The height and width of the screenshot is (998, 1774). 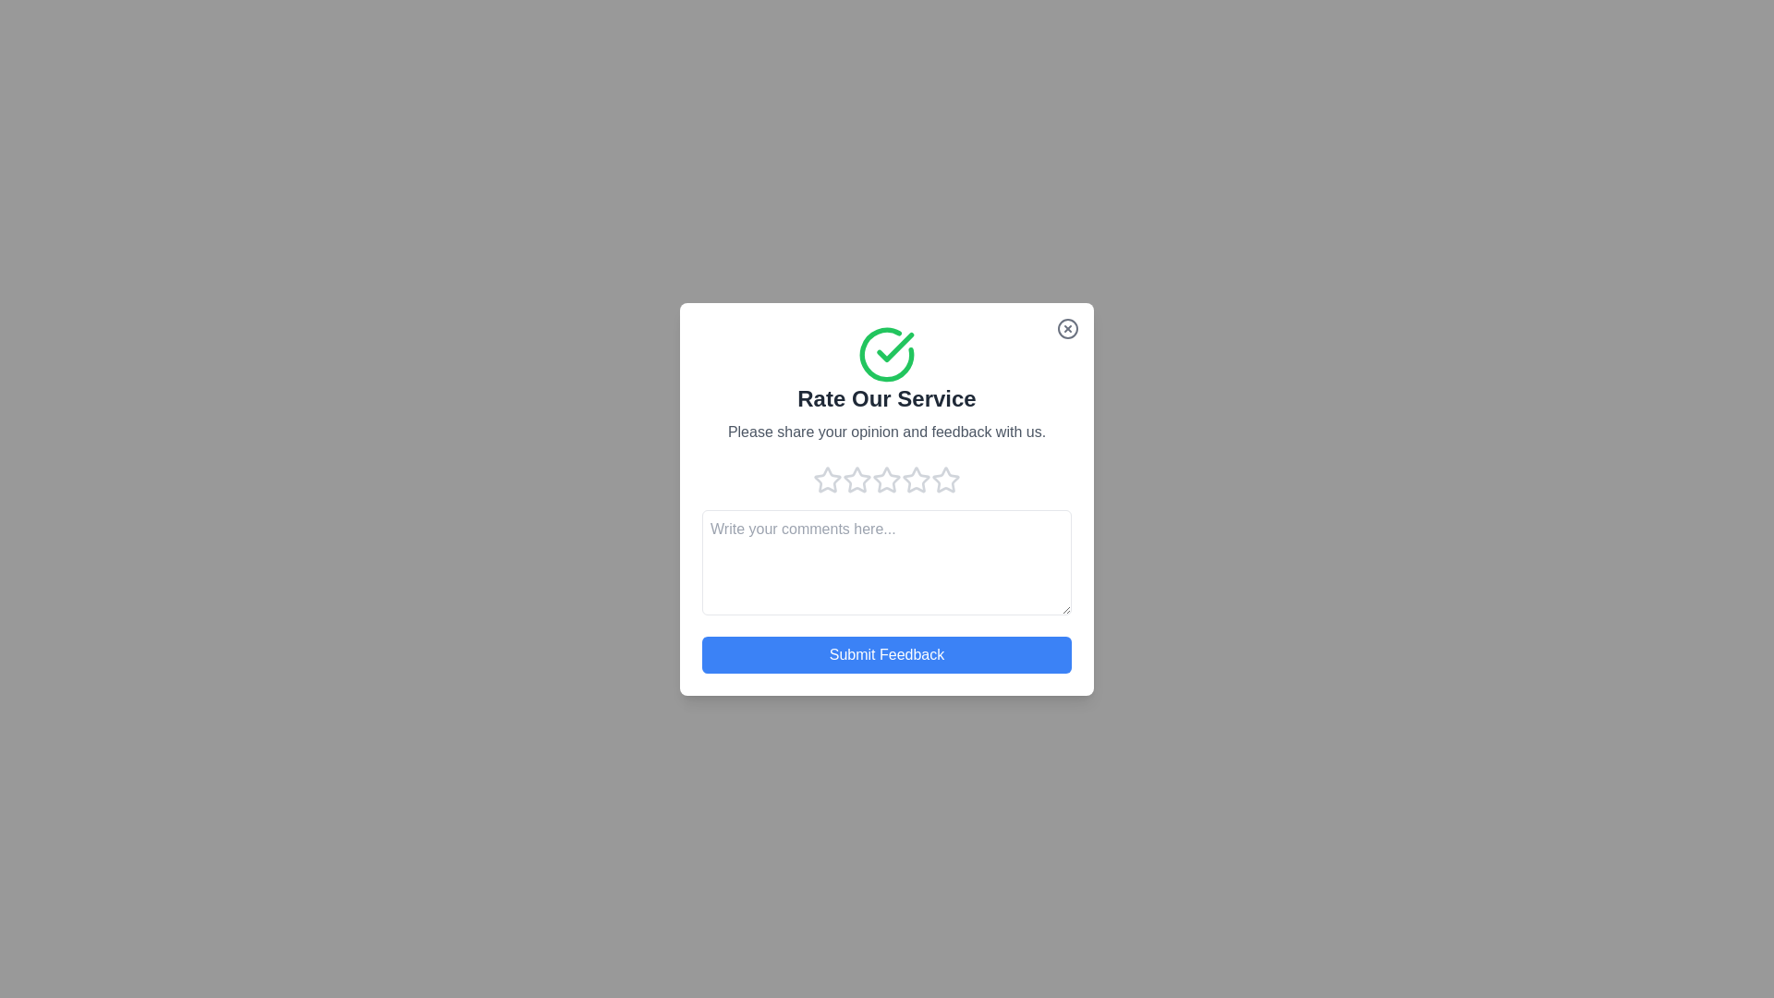 What do you see at coordinates (1068, 327) in the screenshot?
I see `close button to dismiss the dialog` at bounding box center [1068, 327].